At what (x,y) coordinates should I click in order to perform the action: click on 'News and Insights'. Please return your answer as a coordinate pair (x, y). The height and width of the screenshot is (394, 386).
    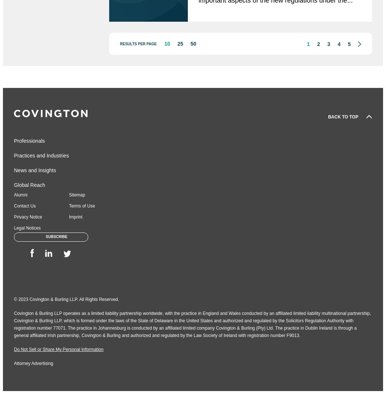
    Looking at the image, I should click on (35, 170).